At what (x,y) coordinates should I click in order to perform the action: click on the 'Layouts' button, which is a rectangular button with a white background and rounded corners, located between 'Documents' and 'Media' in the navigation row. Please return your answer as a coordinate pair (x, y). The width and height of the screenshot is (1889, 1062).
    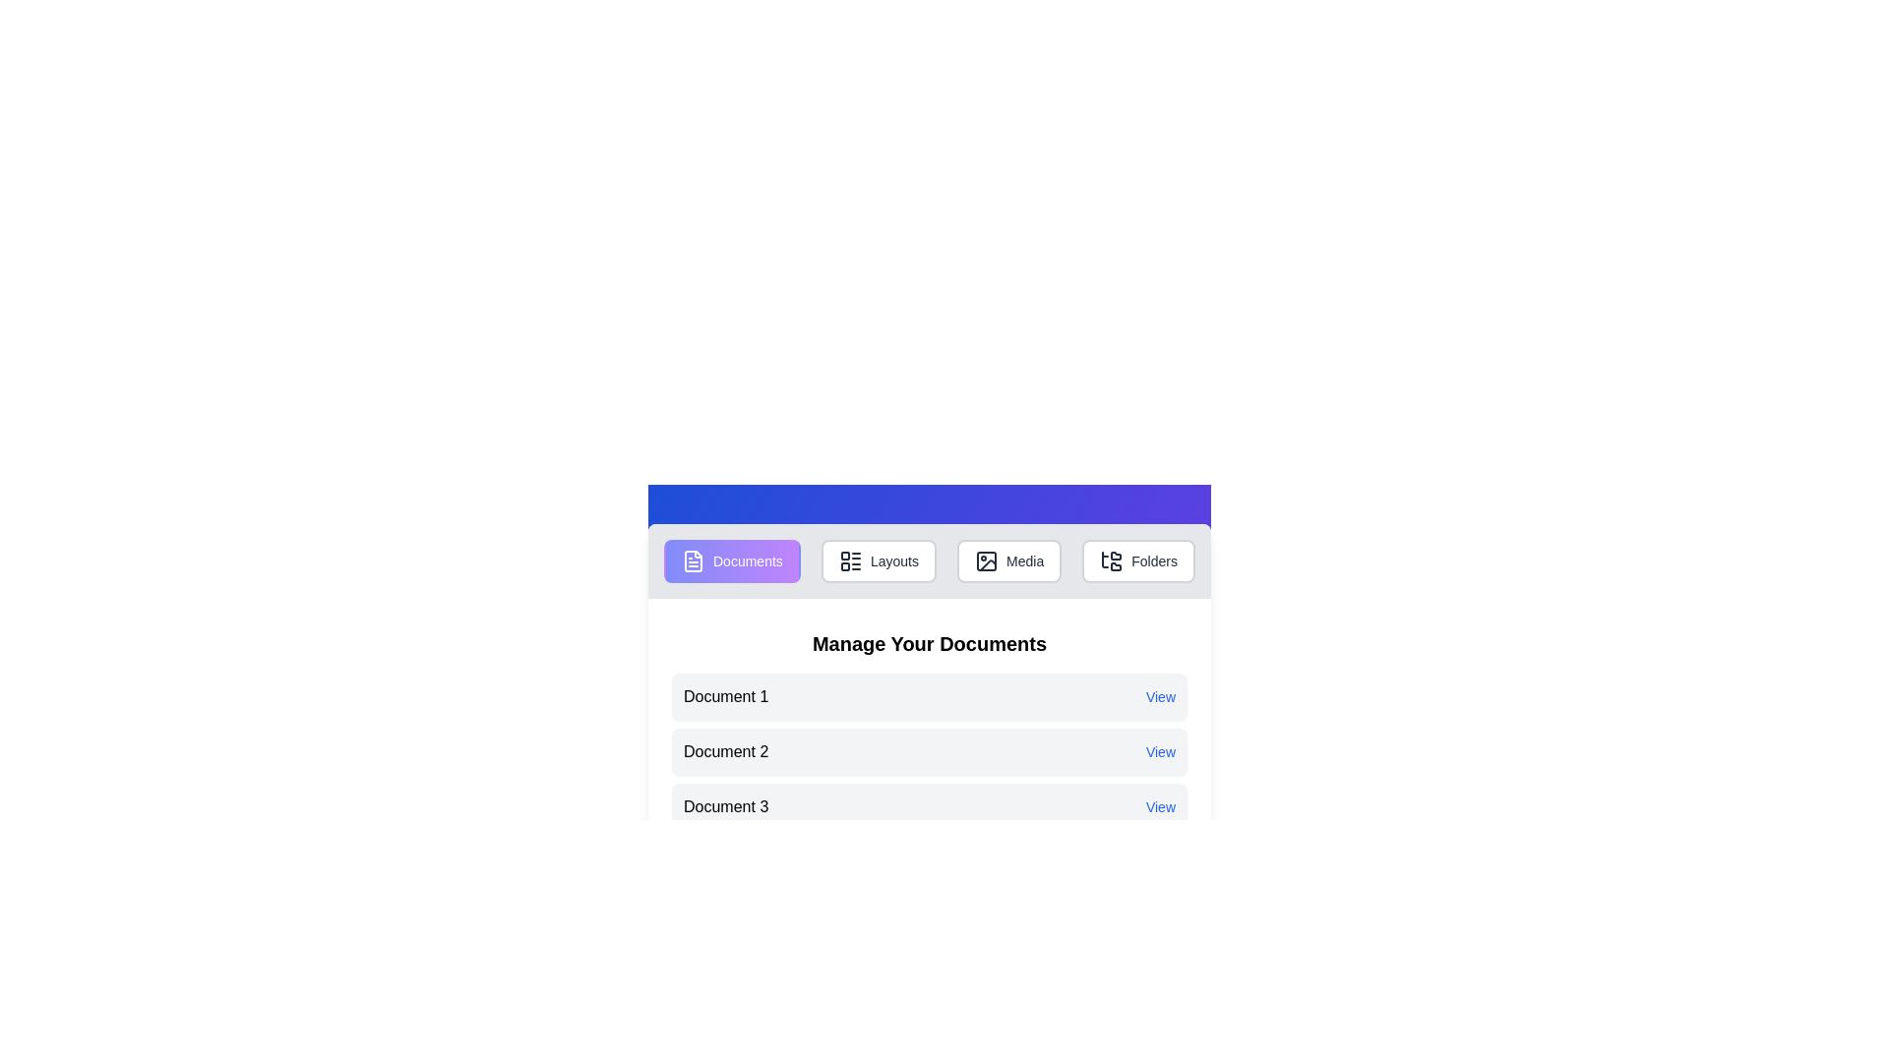
    Looking at the image, I should click on (878, 560).